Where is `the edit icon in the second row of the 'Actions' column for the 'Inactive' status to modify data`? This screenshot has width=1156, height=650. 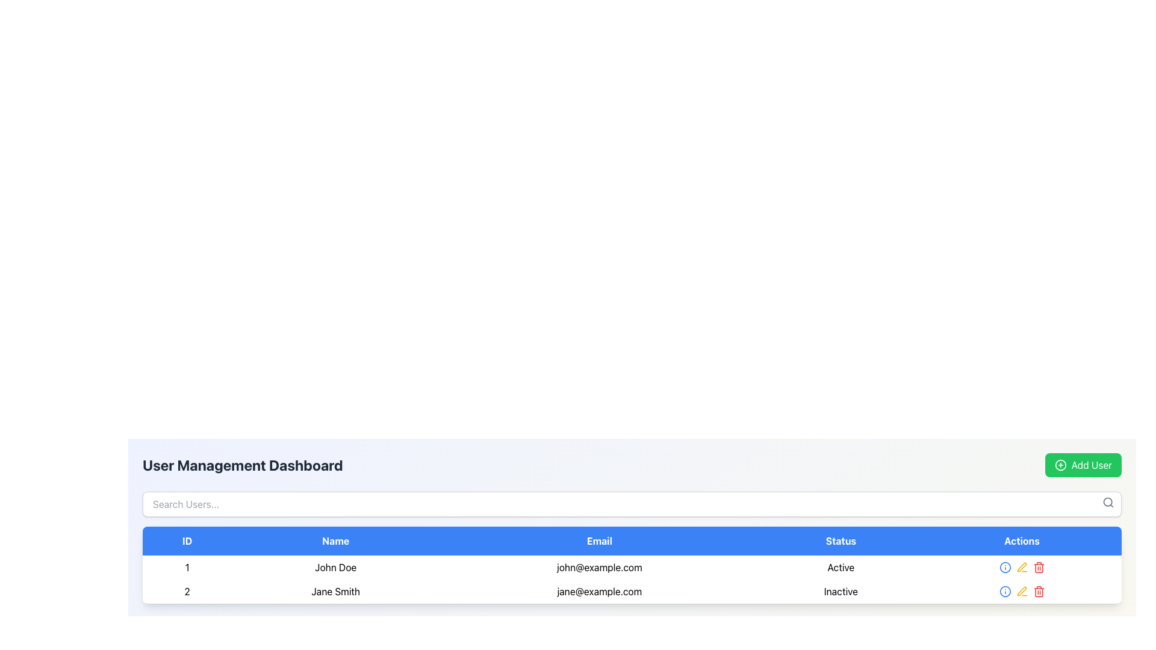
the edit icon in the second row of the 'Actions' column for the 'Inactive' status to modify data is located at coordinates (1021, 591).